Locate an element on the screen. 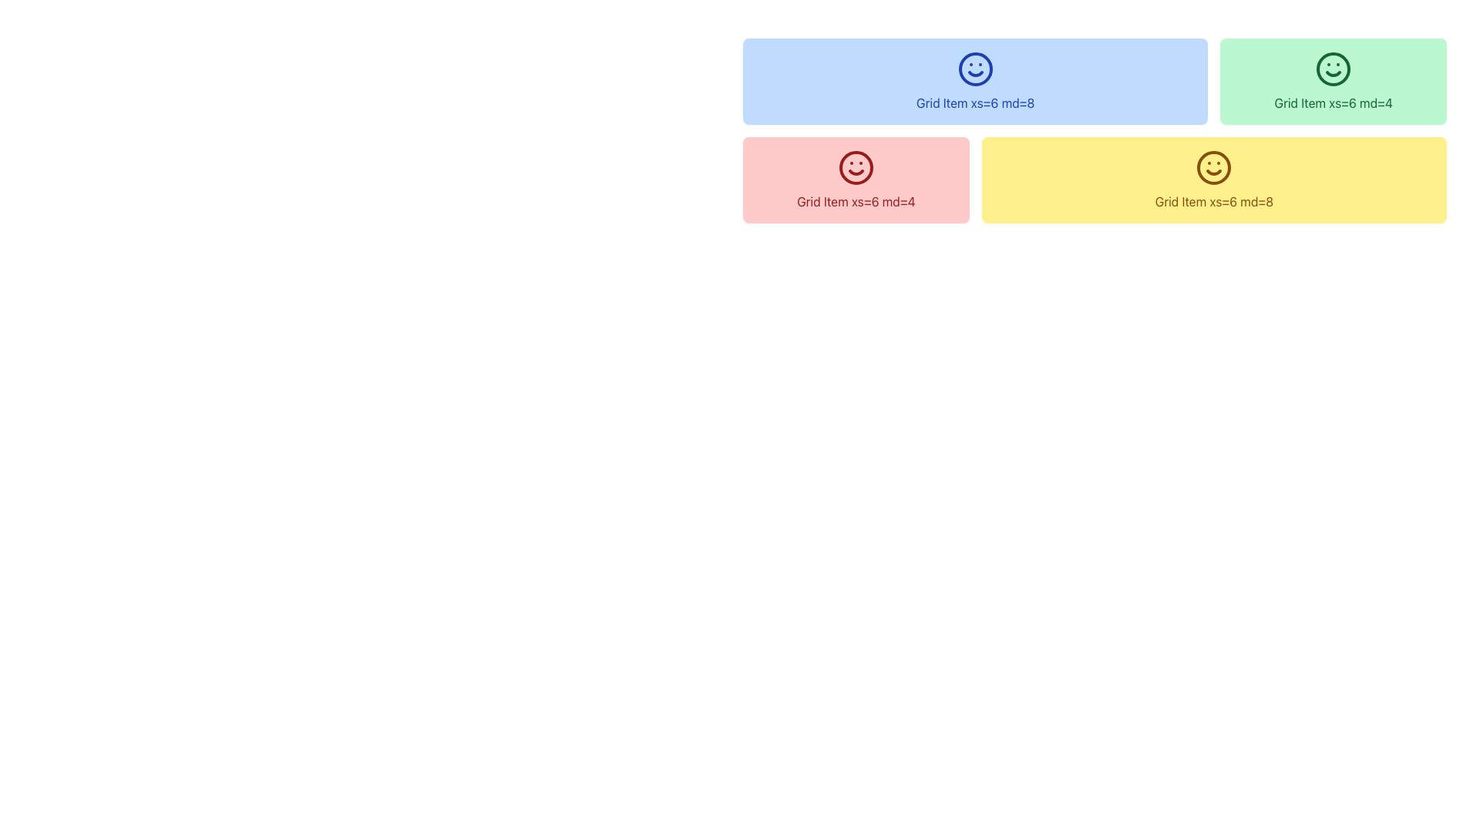 The height and width of the screenshot is (832, 1480). the decorative icon with a smiling appearance located in the top-right of the grid item labeled 'Grid Item xs=6 md=4', which has a light green background is located at coordinates (1333, 68).